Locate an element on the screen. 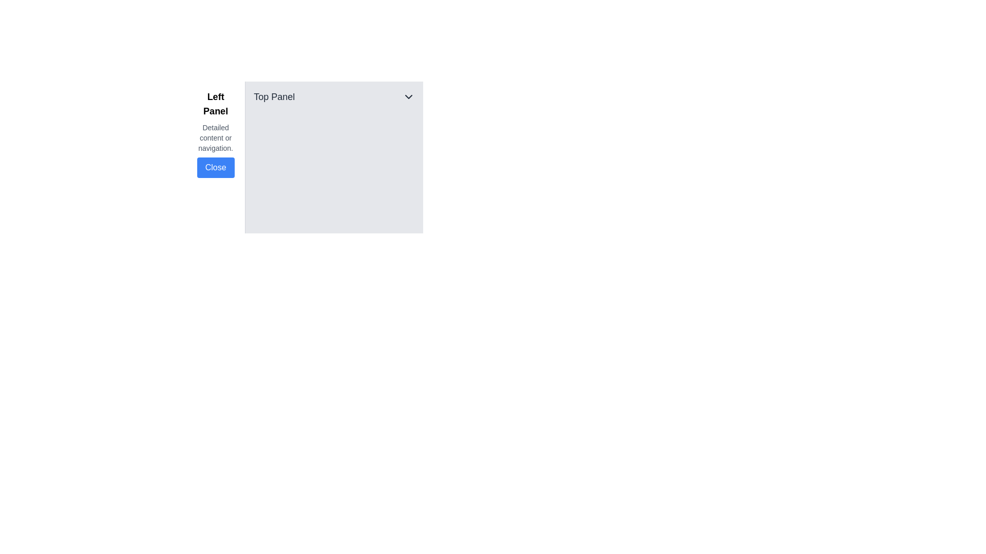 Image resolution: width=986 pixels, height=554 pixels. the 'Close' button, which is a rectangular button with a blue background and white text, located in the left panel's content section, below the 'Detailed content or navigation.' text is located at coordinates (215, 167).